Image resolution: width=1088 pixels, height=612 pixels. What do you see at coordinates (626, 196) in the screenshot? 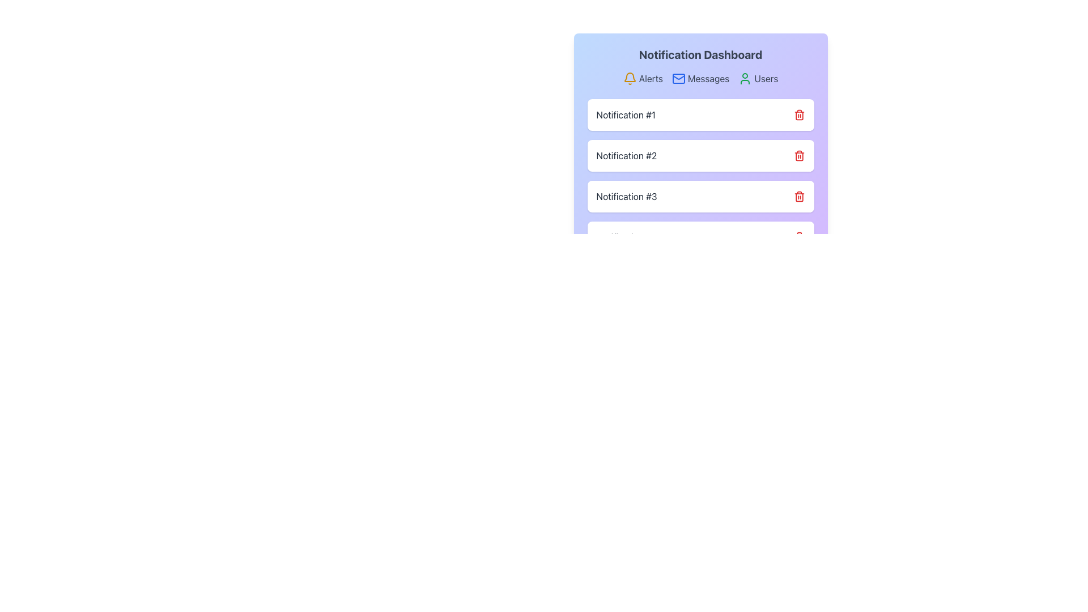
I see `the text label displaying 'Notification #3' which is located on the left side of its card in a vertically stacked list of notifications` at bounding box center [626, 196].